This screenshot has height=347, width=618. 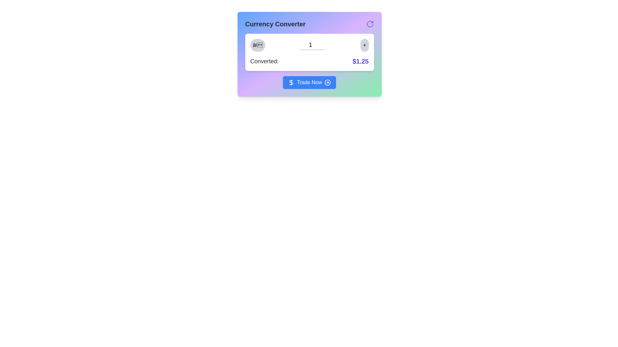 I want to click on the Number Input Field, which is centrally located between the '-' button on the left and the '+' button on the right, positioned near the top-center of the interface, so click(x=313, y=45).